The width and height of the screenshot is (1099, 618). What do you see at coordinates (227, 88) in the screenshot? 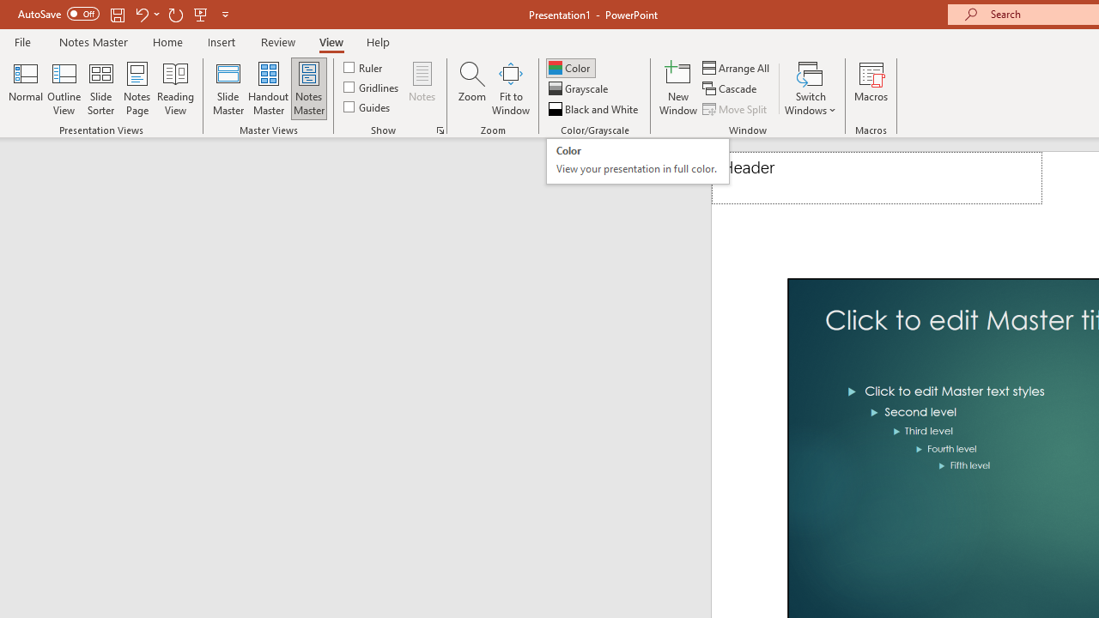
I see `'Slide Master'` at bounding box center [227, 88].